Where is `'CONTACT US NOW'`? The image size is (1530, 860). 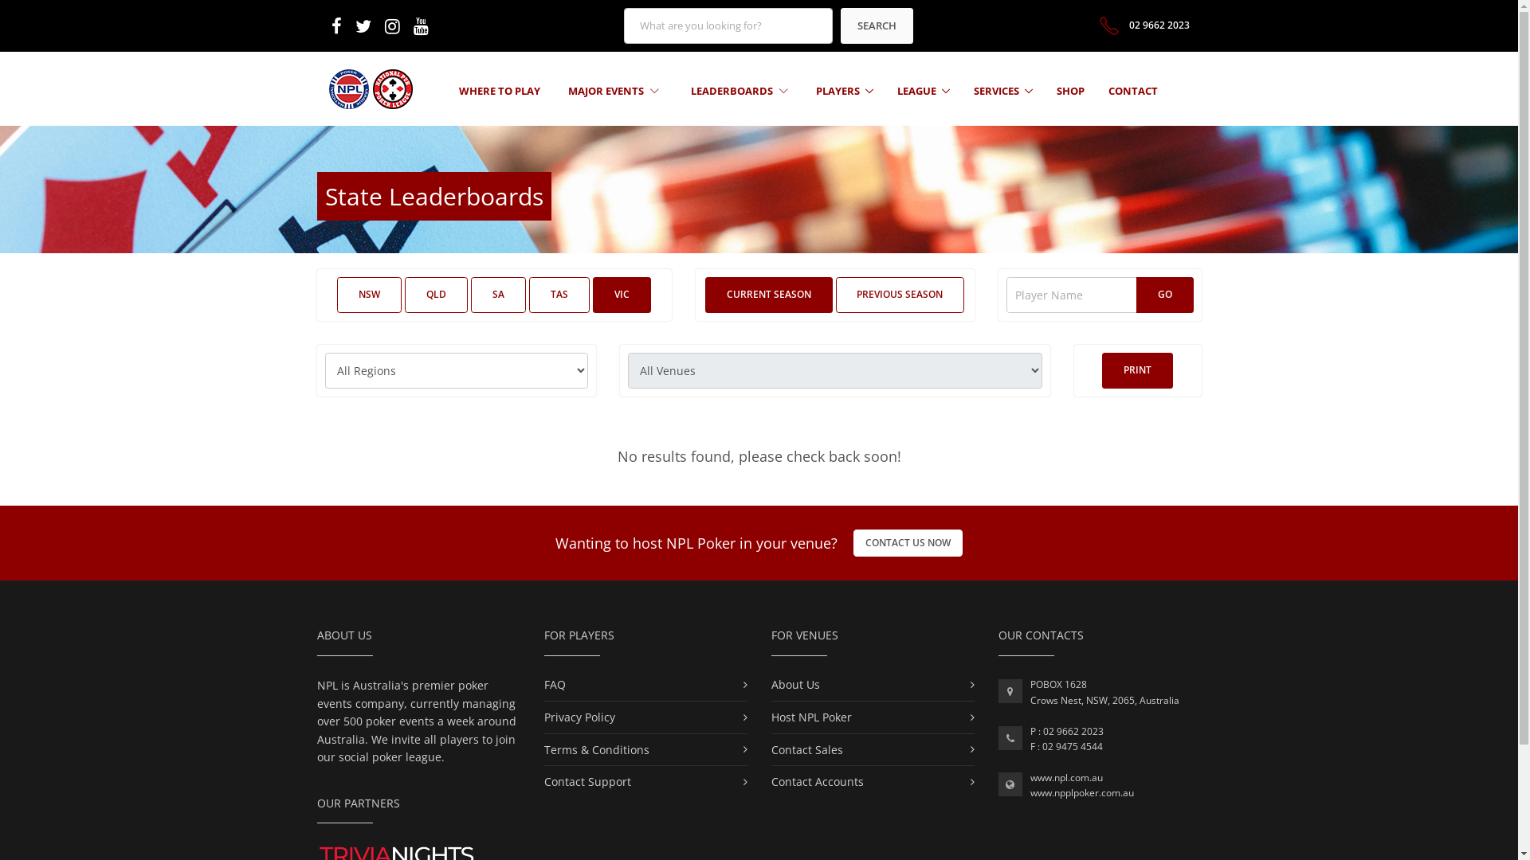 'CONTACT US NOW' is located at coordinates (908, 541).